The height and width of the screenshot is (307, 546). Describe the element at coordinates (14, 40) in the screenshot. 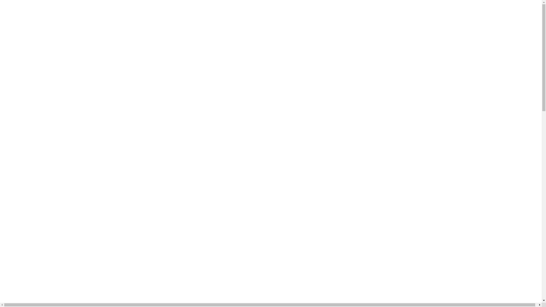

I see `'ORDER'` at that location.